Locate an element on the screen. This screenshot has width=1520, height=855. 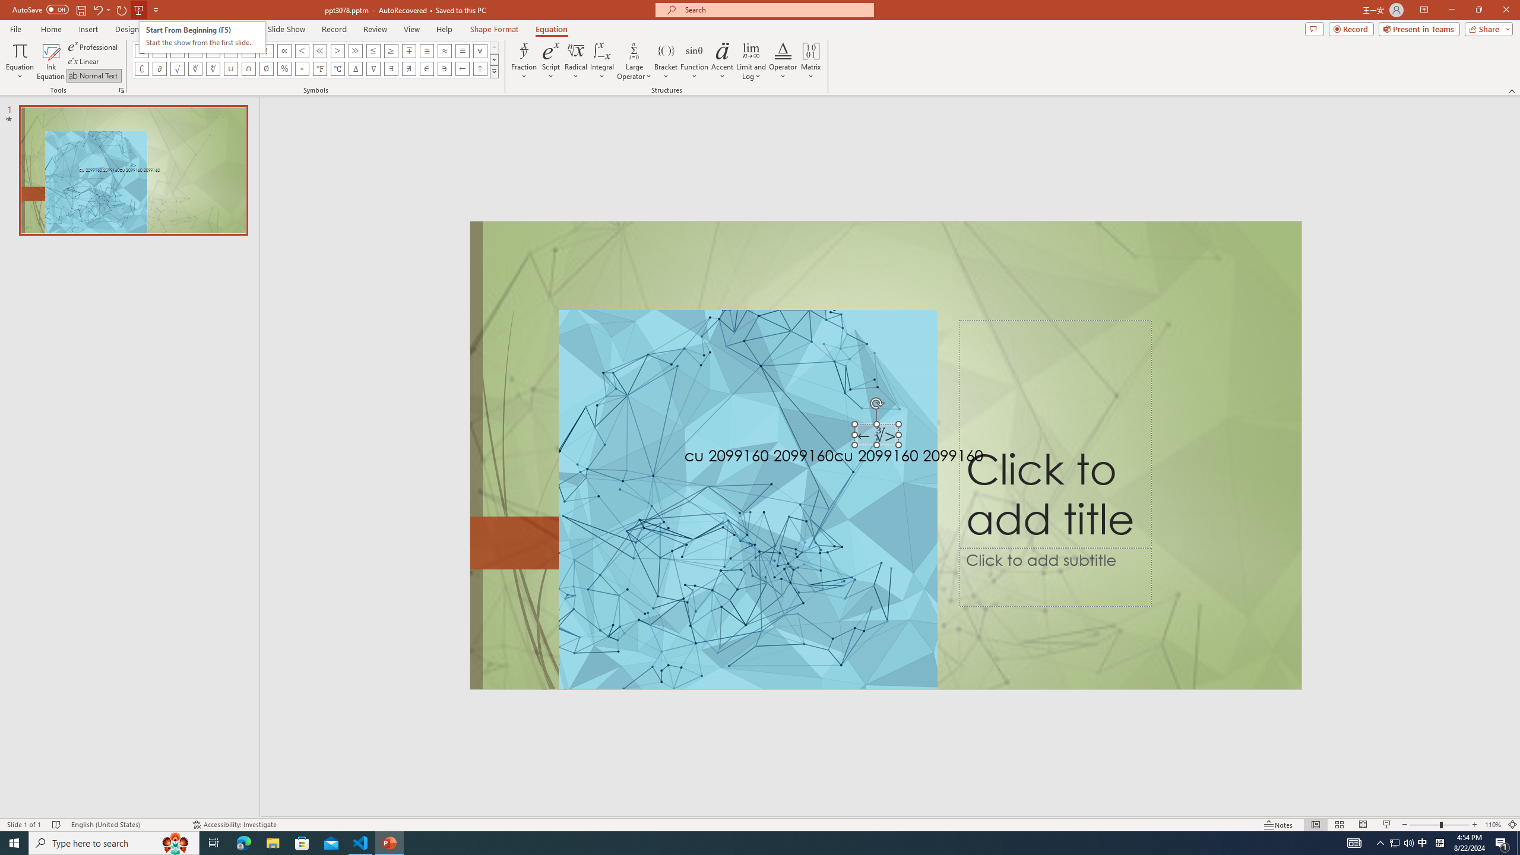
'Equation Symbol Element Of' is located at coordinates (426, 68).